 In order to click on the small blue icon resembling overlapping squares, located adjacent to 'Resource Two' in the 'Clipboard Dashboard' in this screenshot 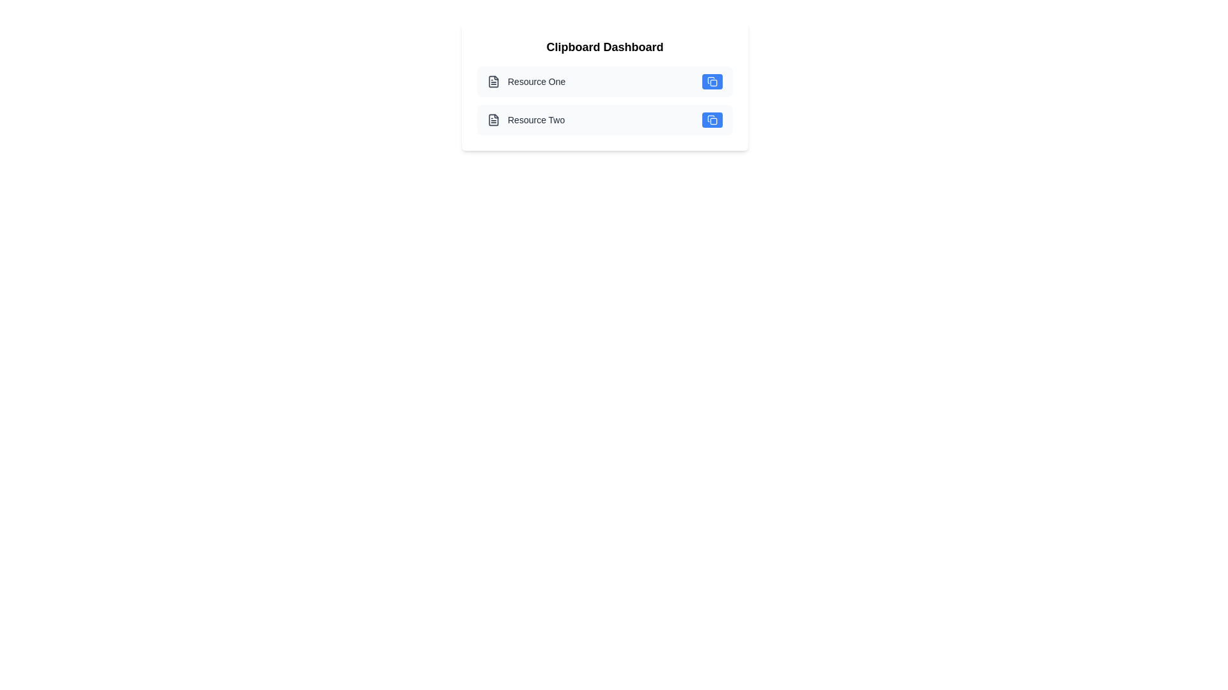, I will do `click(711, 120)`.